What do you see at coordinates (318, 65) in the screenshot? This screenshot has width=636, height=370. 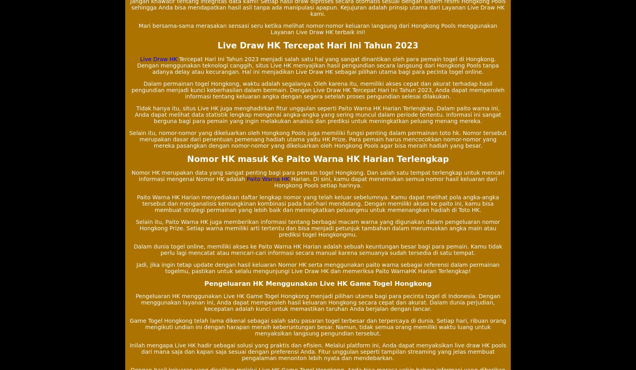 I see `'Tercepat Hari Ini Tahun 2023 menjadi salah satu hal yang sangat dinantikan oleh para pemain togel di Hongkong. Dengan menggunakan teknologi canggih, situs Live HK menyajikan hasil pengundian secara langsung dari Hongkong Pools tanpa adanya delay atau kecurangan. Hal ini menjadikan Live Draw HK sebagai pilihan utama bagi para pecinta togel online.'` at bounding box center [318, 65].